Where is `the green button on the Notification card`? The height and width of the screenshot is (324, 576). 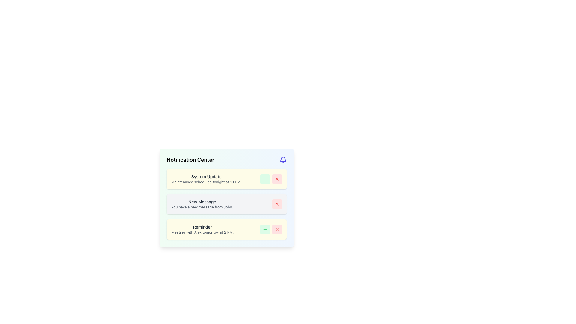 the green button on the Notification card is located at coordinates (226, 179).